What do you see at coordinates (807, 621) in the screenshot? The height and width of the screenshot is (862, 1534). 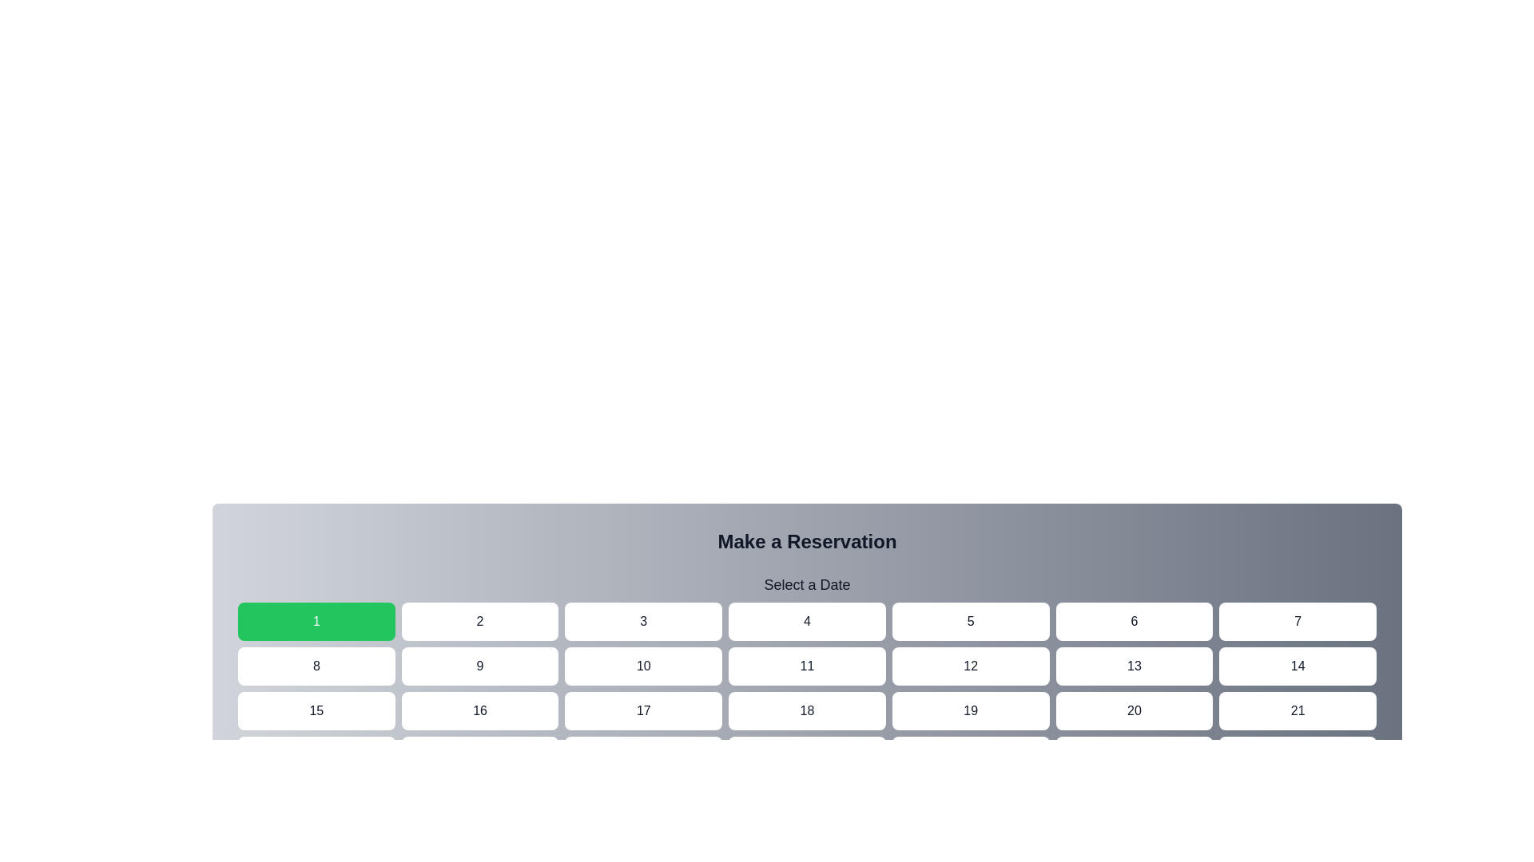 I see `the button displaying the number '4' with a white background and bold font` at bounding box center [807, 621].